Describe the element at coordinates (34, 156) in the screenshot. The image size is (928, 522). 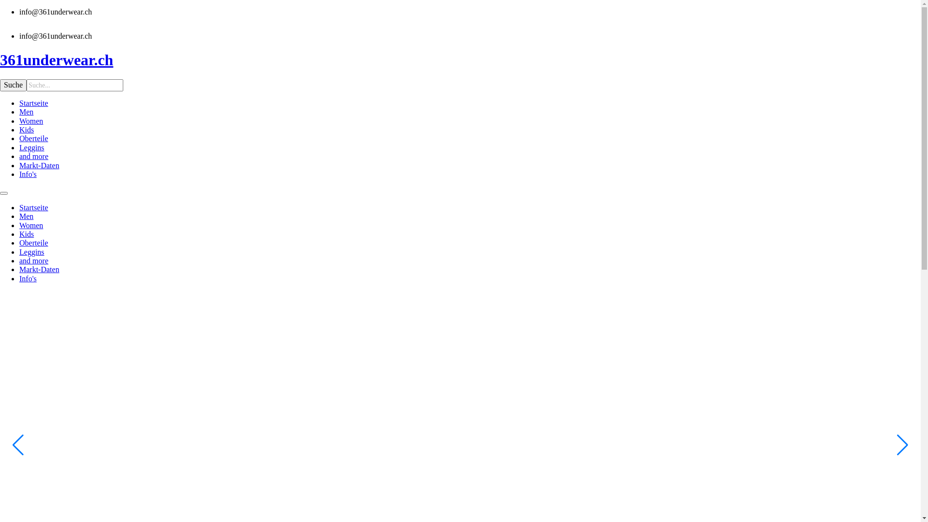
I see `'and more'` at that location.